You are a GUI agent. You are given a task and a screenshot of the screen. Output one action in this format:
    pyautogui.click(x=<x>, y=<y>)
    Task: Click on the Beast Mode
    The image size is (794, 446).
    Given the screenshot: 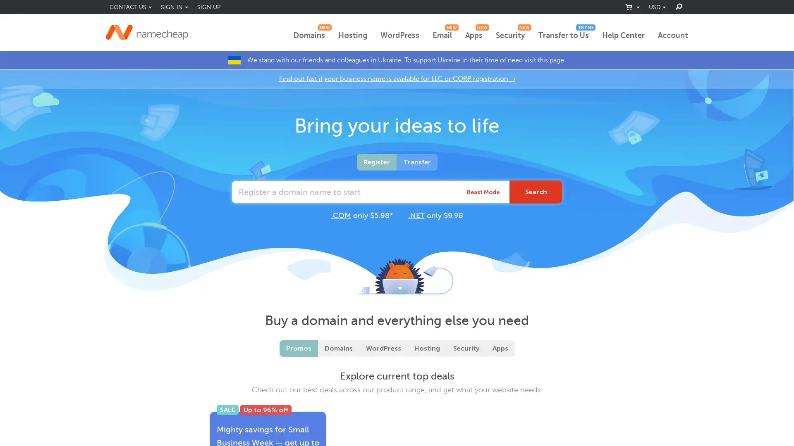 What is the action you would take?
    pyautogui.click(x=483, y=192)
    